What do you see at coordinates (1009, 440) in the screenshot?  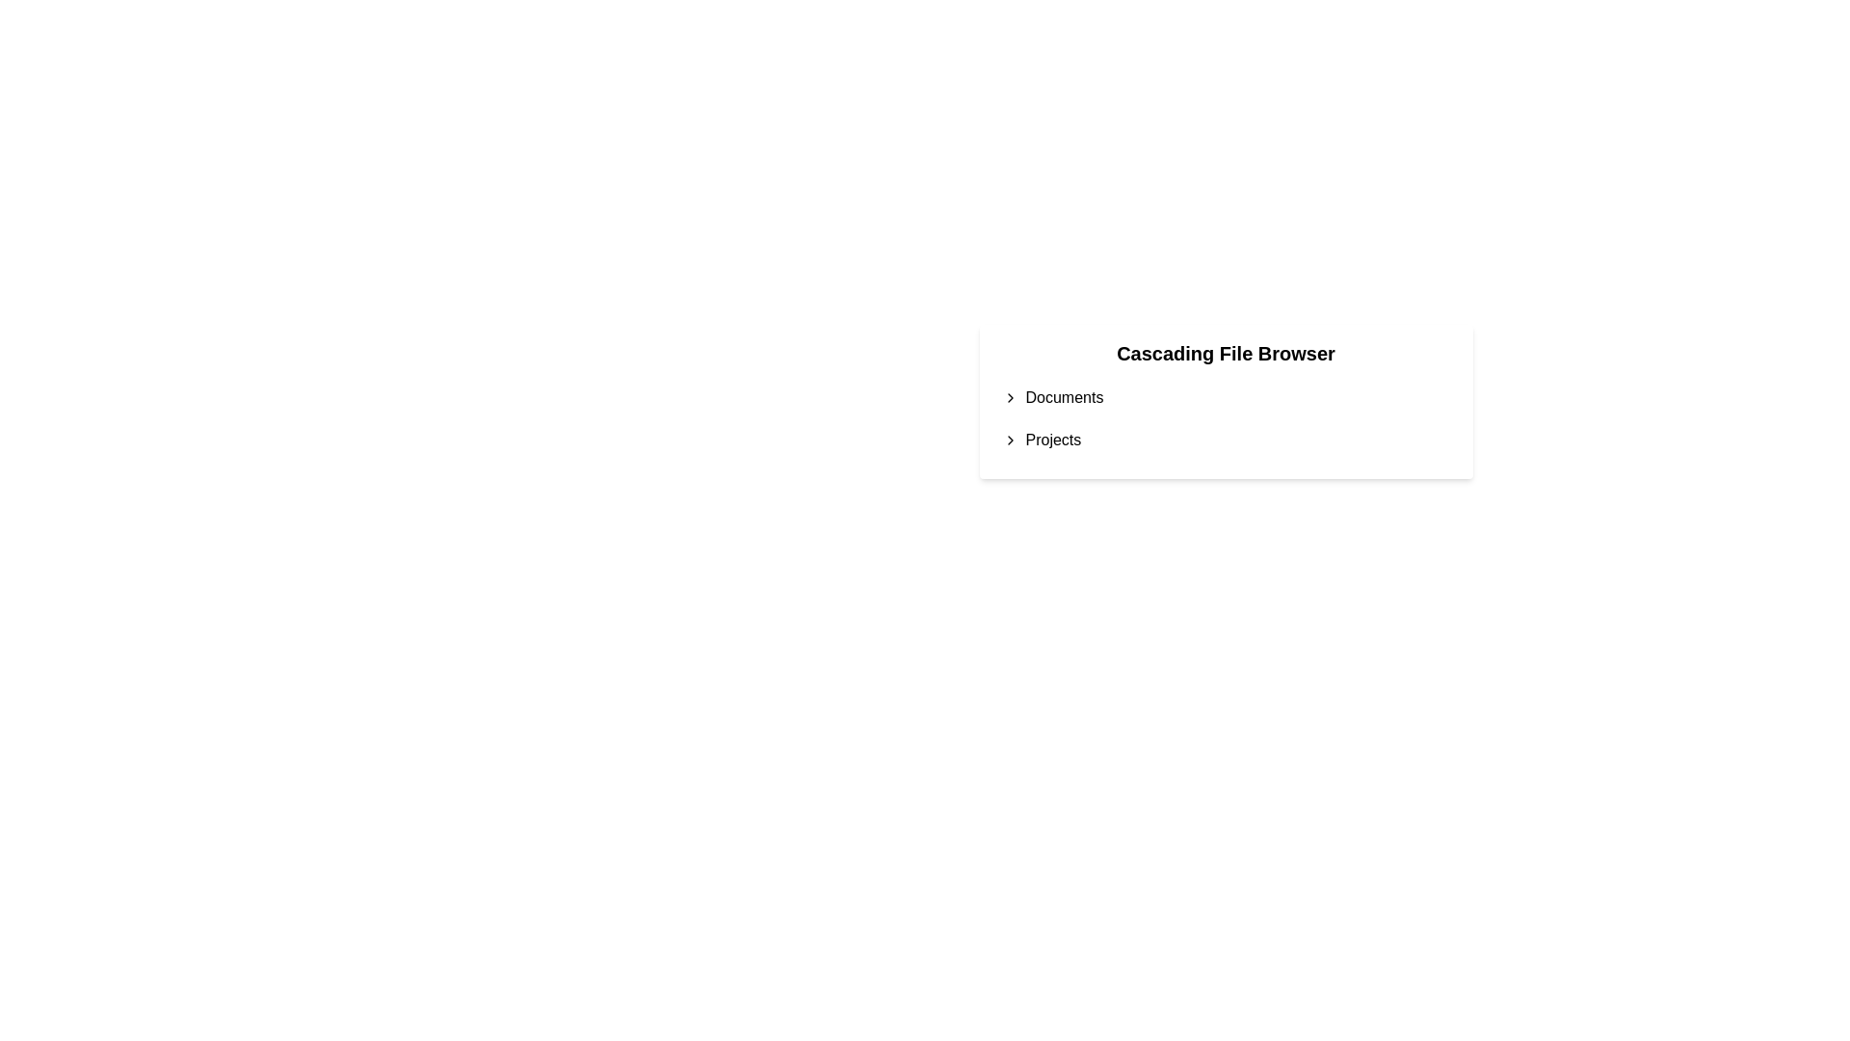 I see `the behavior of the small right-pointing chevron icon adjacent to the text 'Projects'` at bounding box center [1009, 440].